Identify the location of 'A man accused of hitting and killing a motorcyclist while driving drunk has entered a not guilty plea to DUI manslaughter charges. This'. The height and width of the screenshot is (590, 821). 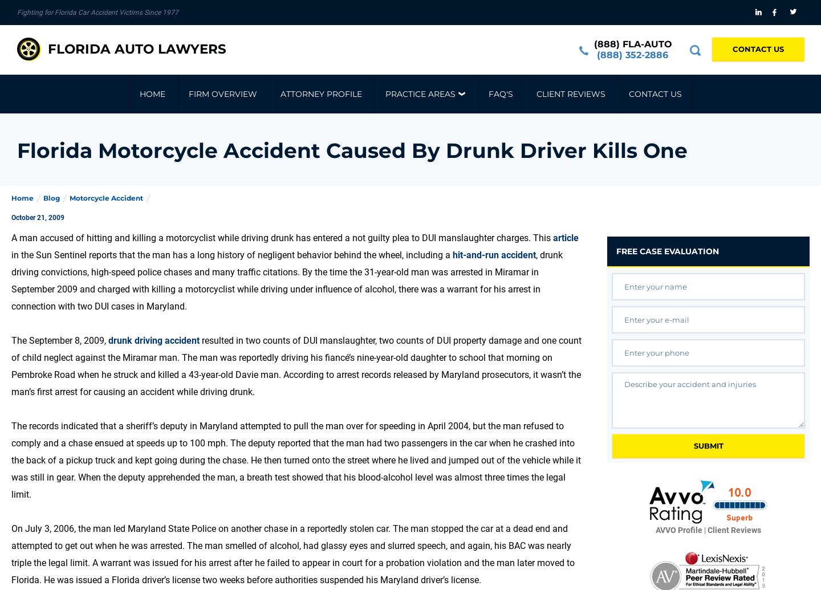
(282, 238).